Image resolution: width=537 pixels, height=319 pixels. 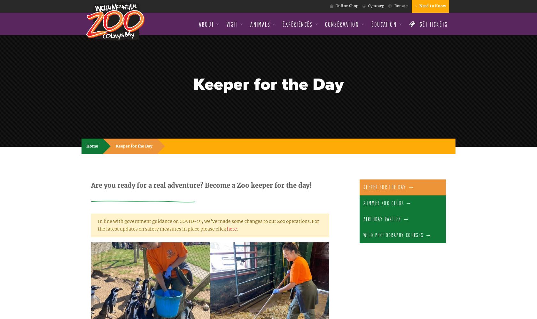 What do you see at coordinates (92, 146) in the screenshot?
I see `'Home'` at bounding box center [92, 146].